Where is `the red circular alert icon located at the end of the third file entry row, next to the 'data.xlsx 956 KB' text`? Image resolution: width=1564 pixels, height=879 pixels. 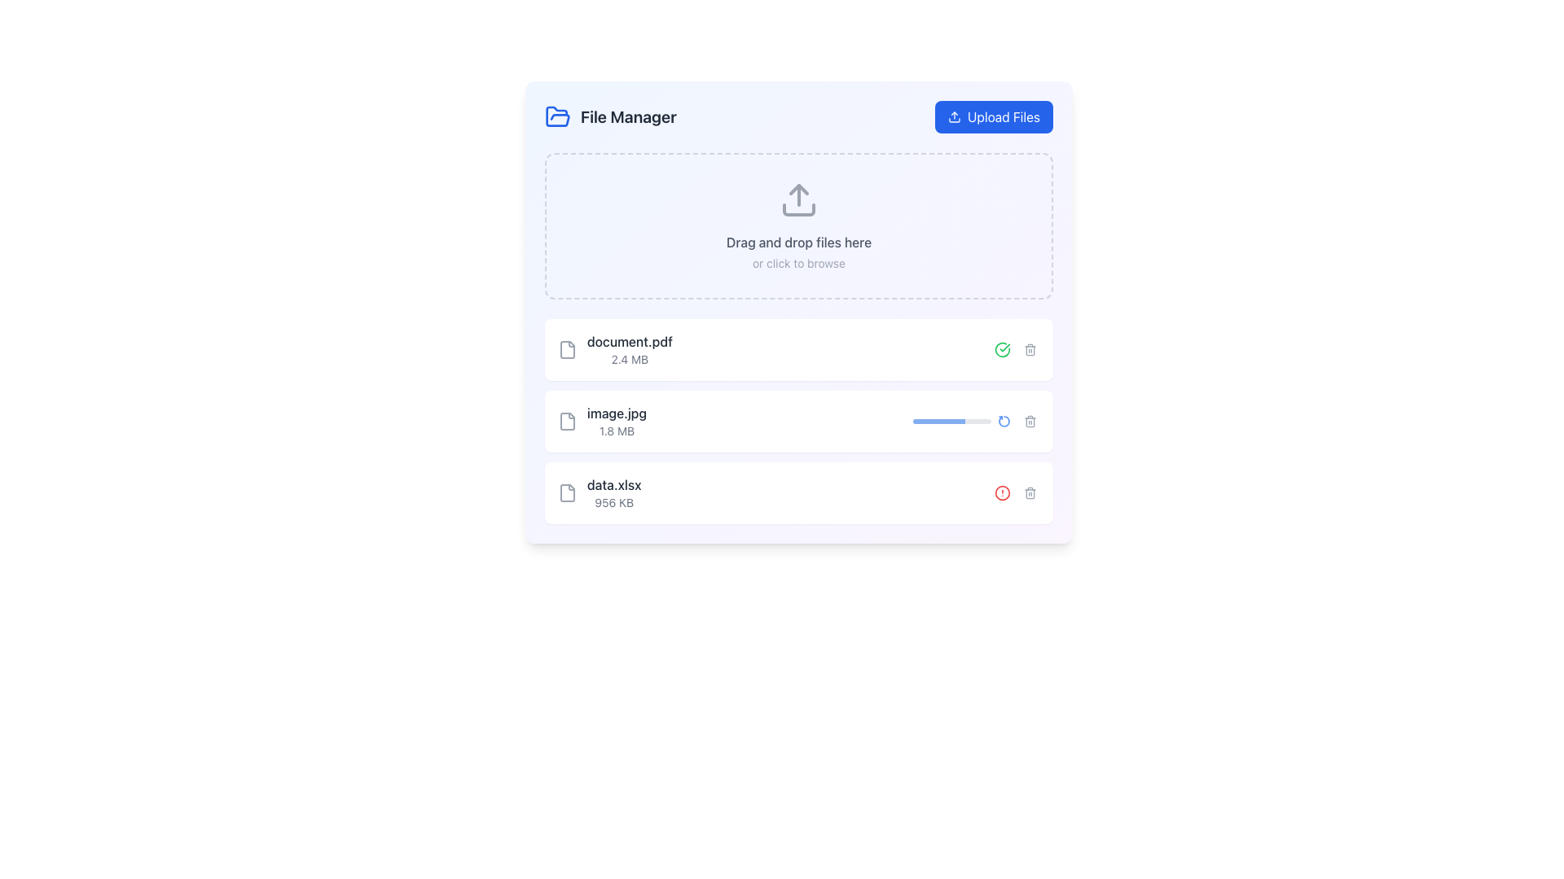
the red circular alert icon located at the end of the third file entry row, next to the 'data.xlsx 956 KB' text is located at coordinates (1016, 492).